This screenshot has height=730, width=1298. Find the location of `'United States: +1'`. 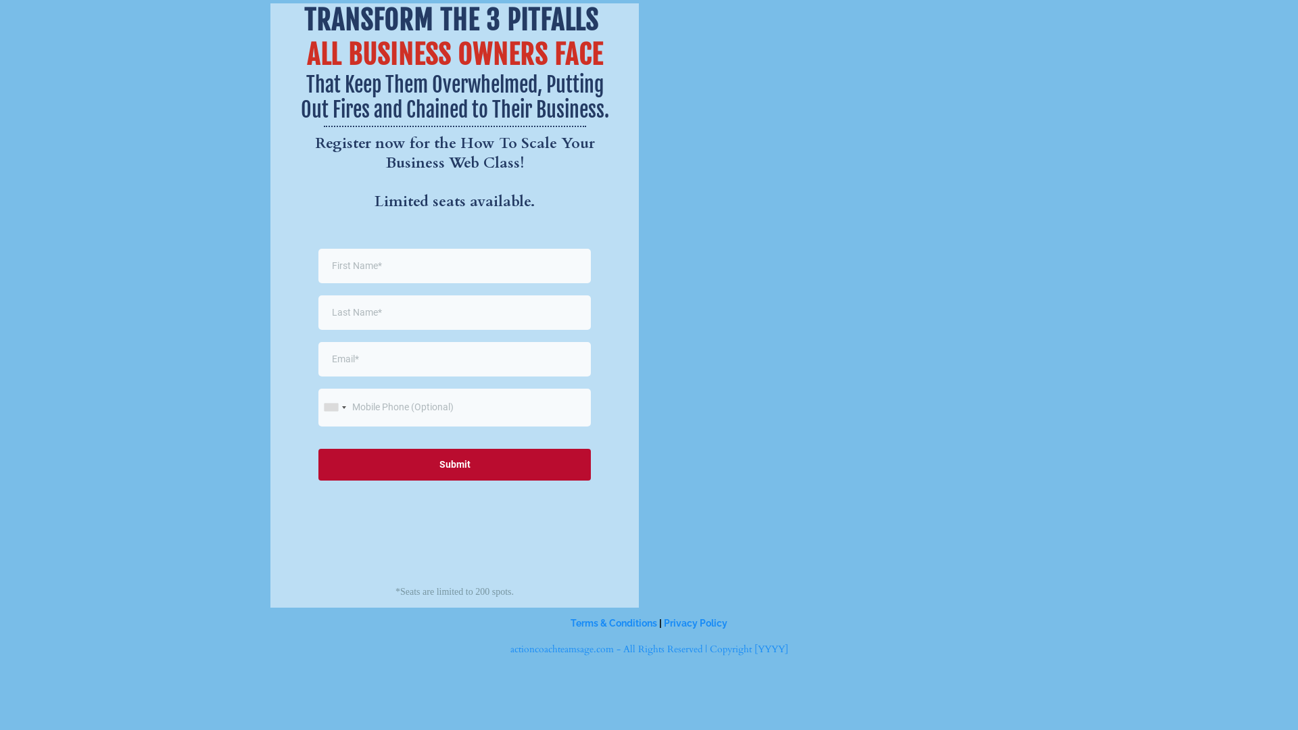

'United States: +1' is located at coordinates (318, 406).